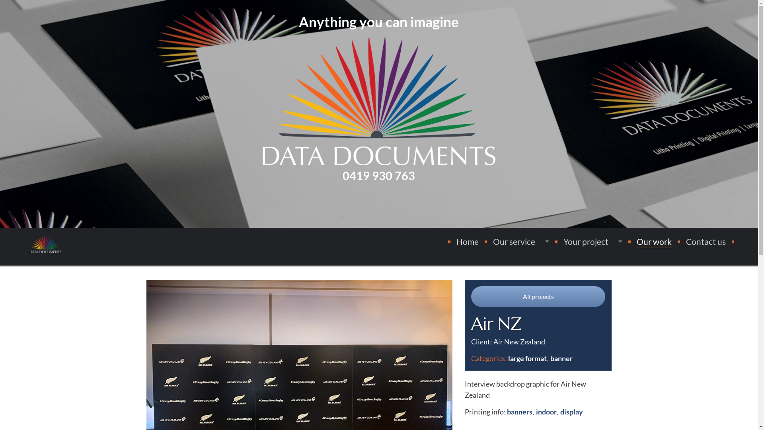 This screenshot has height=430, width=764. I want to click on 'large format', so click(527, 358).